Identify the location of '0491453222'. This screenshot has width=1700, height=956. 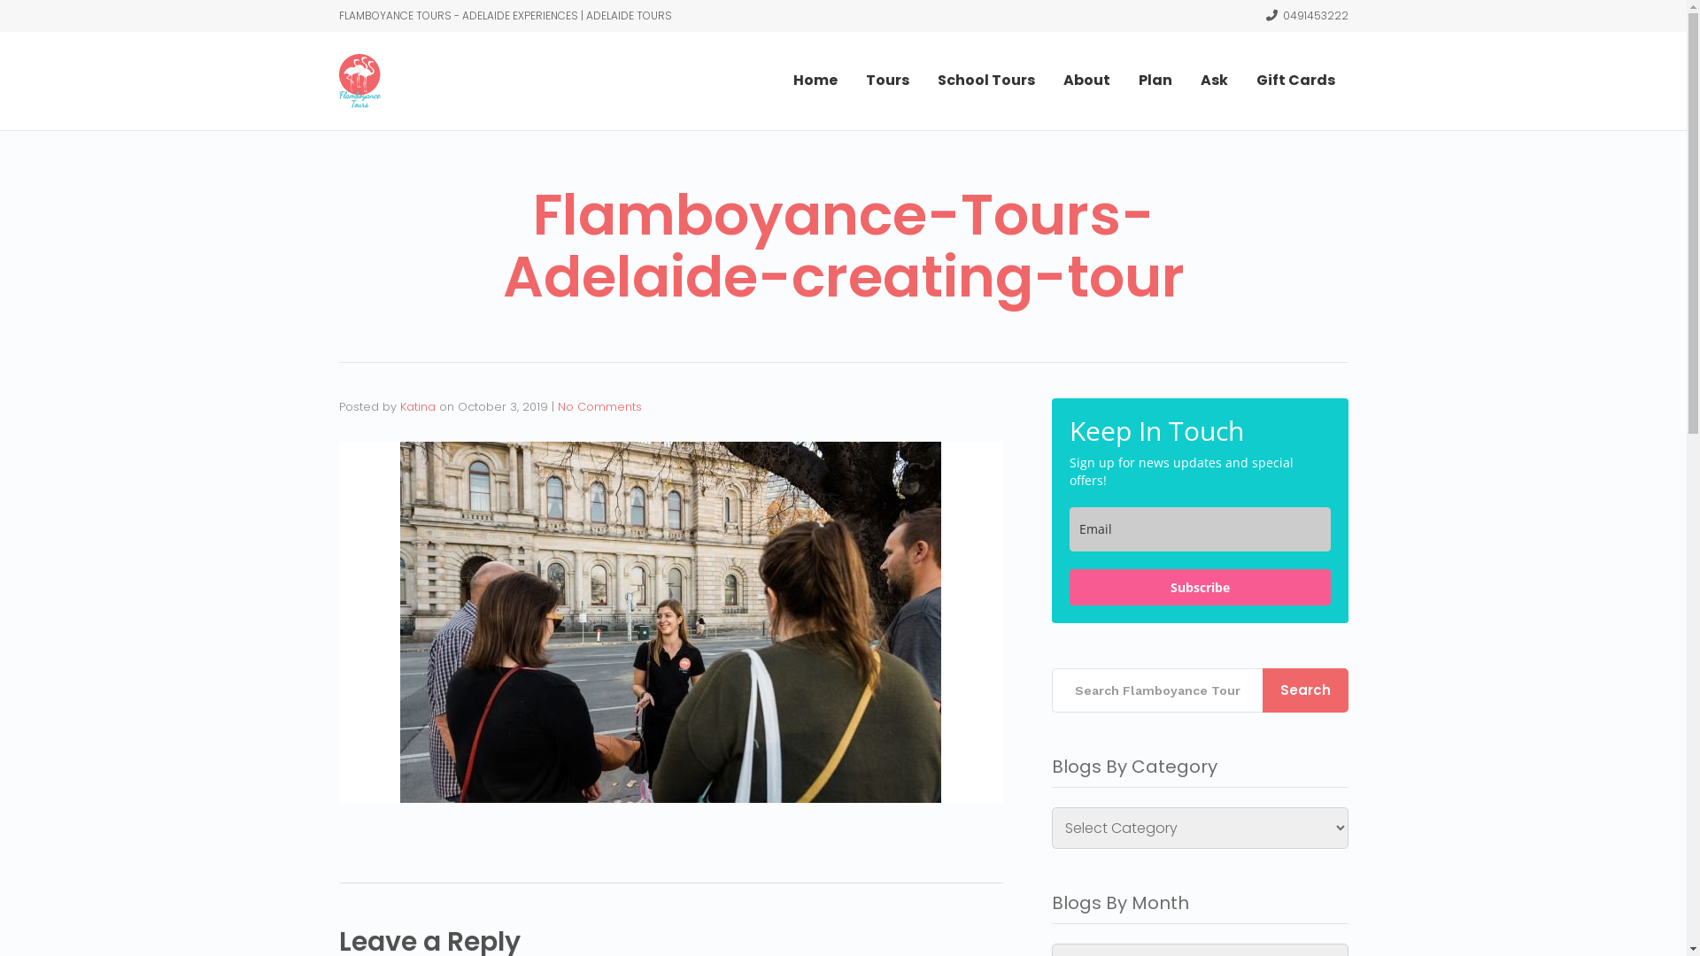
(1307, 15).